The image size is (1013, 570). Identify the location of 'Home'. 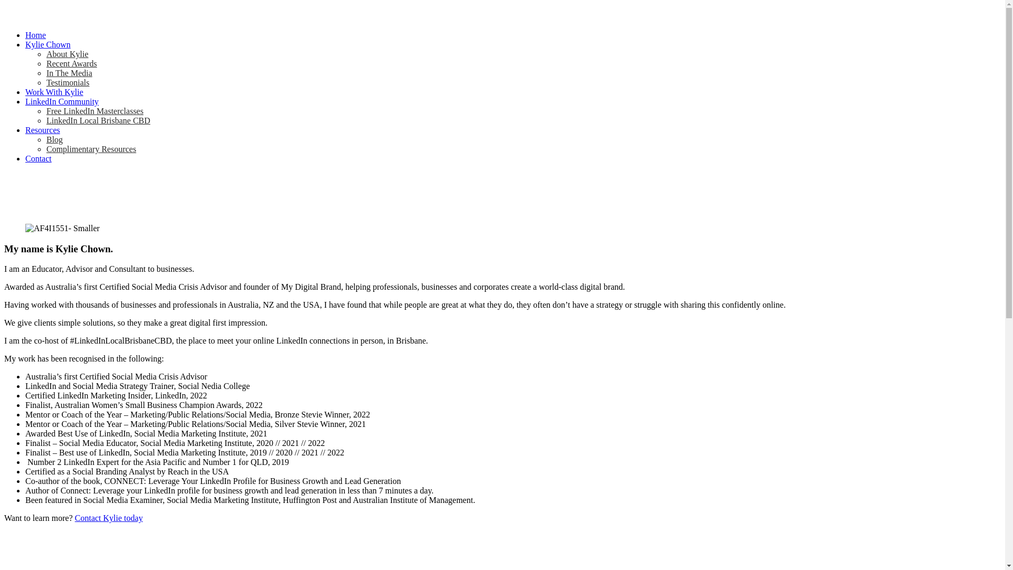
(35, 34).